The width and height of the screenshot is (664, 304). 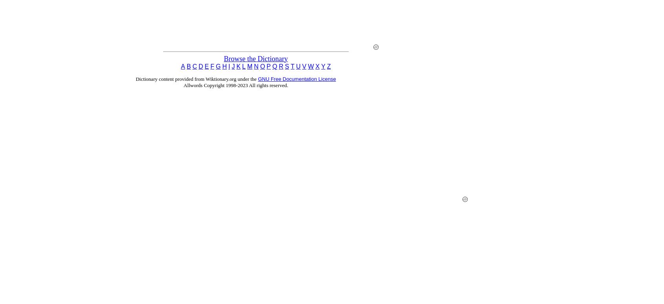 What do you see at coordinates (328, 66) in the screenshot?
I see `'Z'` at bounding box center [328, 66].